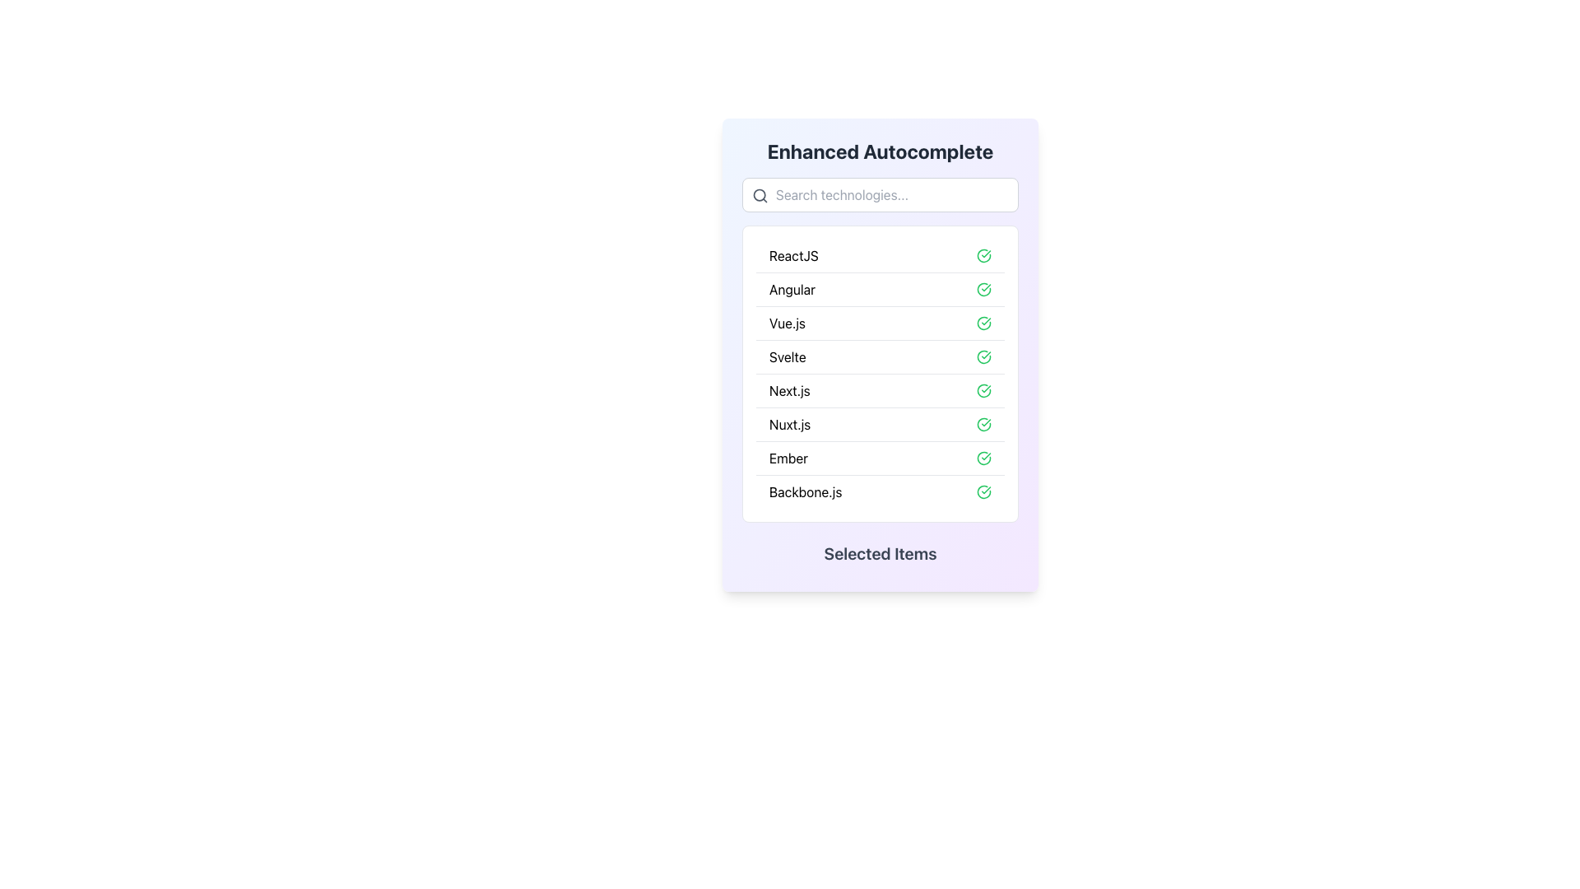  I want to click on the upper curved arc of the circular check symbol in the SVG graphic located to the left of the 'Backbone.js' text in the list, so click(983, 491).